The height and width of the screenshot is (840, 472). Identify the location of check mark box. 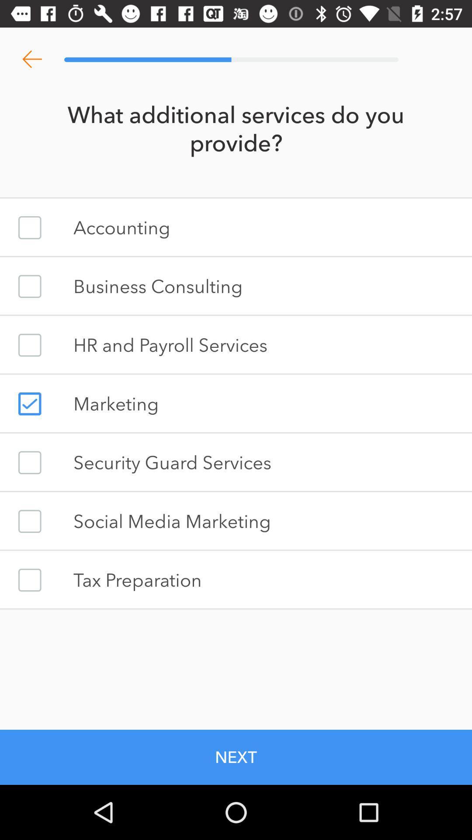
(29, 286).